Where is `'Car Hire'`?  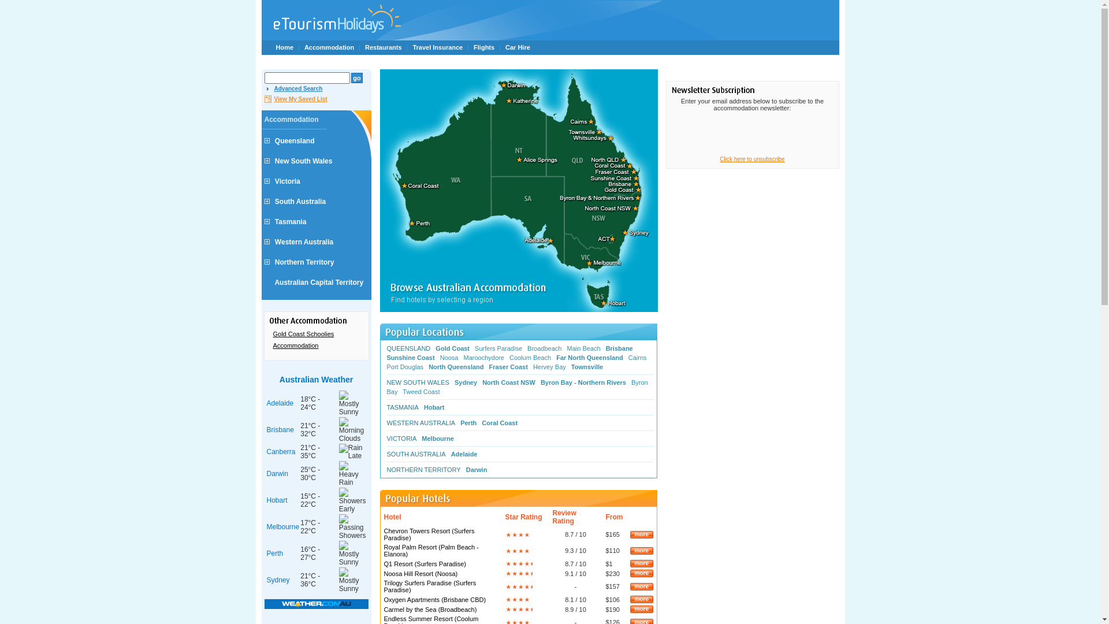 'Car Hire' is located at coordinates (517, 47).